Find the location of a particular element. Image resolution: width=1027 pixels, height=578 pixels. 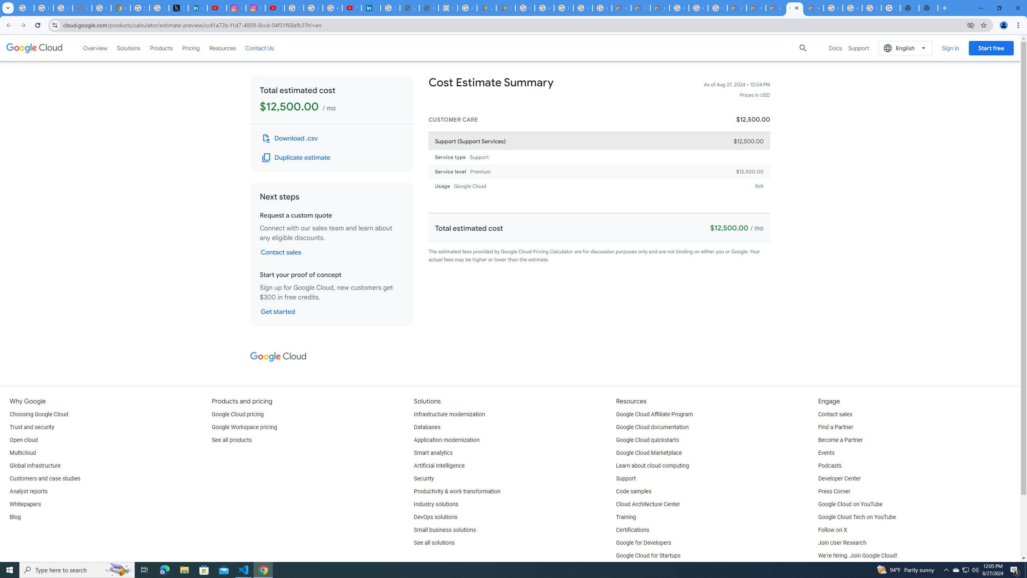

'PAW Patrol Rescue World - Apps on Google Play' is located at coordinates (505, 8).